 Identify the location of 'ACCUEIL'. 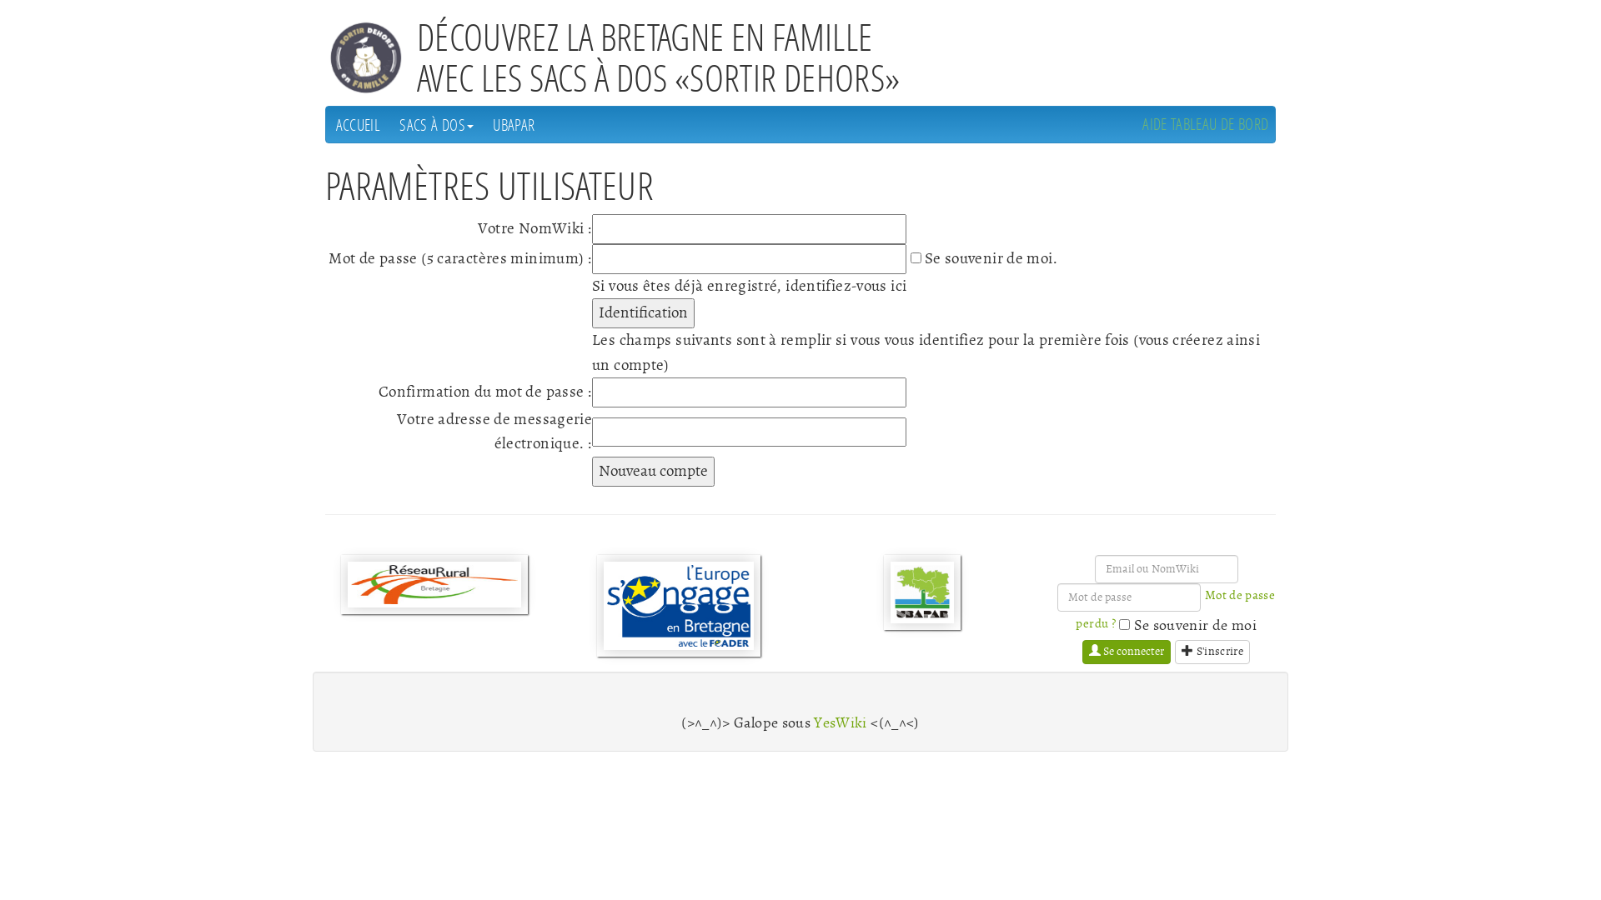
(325, 123).